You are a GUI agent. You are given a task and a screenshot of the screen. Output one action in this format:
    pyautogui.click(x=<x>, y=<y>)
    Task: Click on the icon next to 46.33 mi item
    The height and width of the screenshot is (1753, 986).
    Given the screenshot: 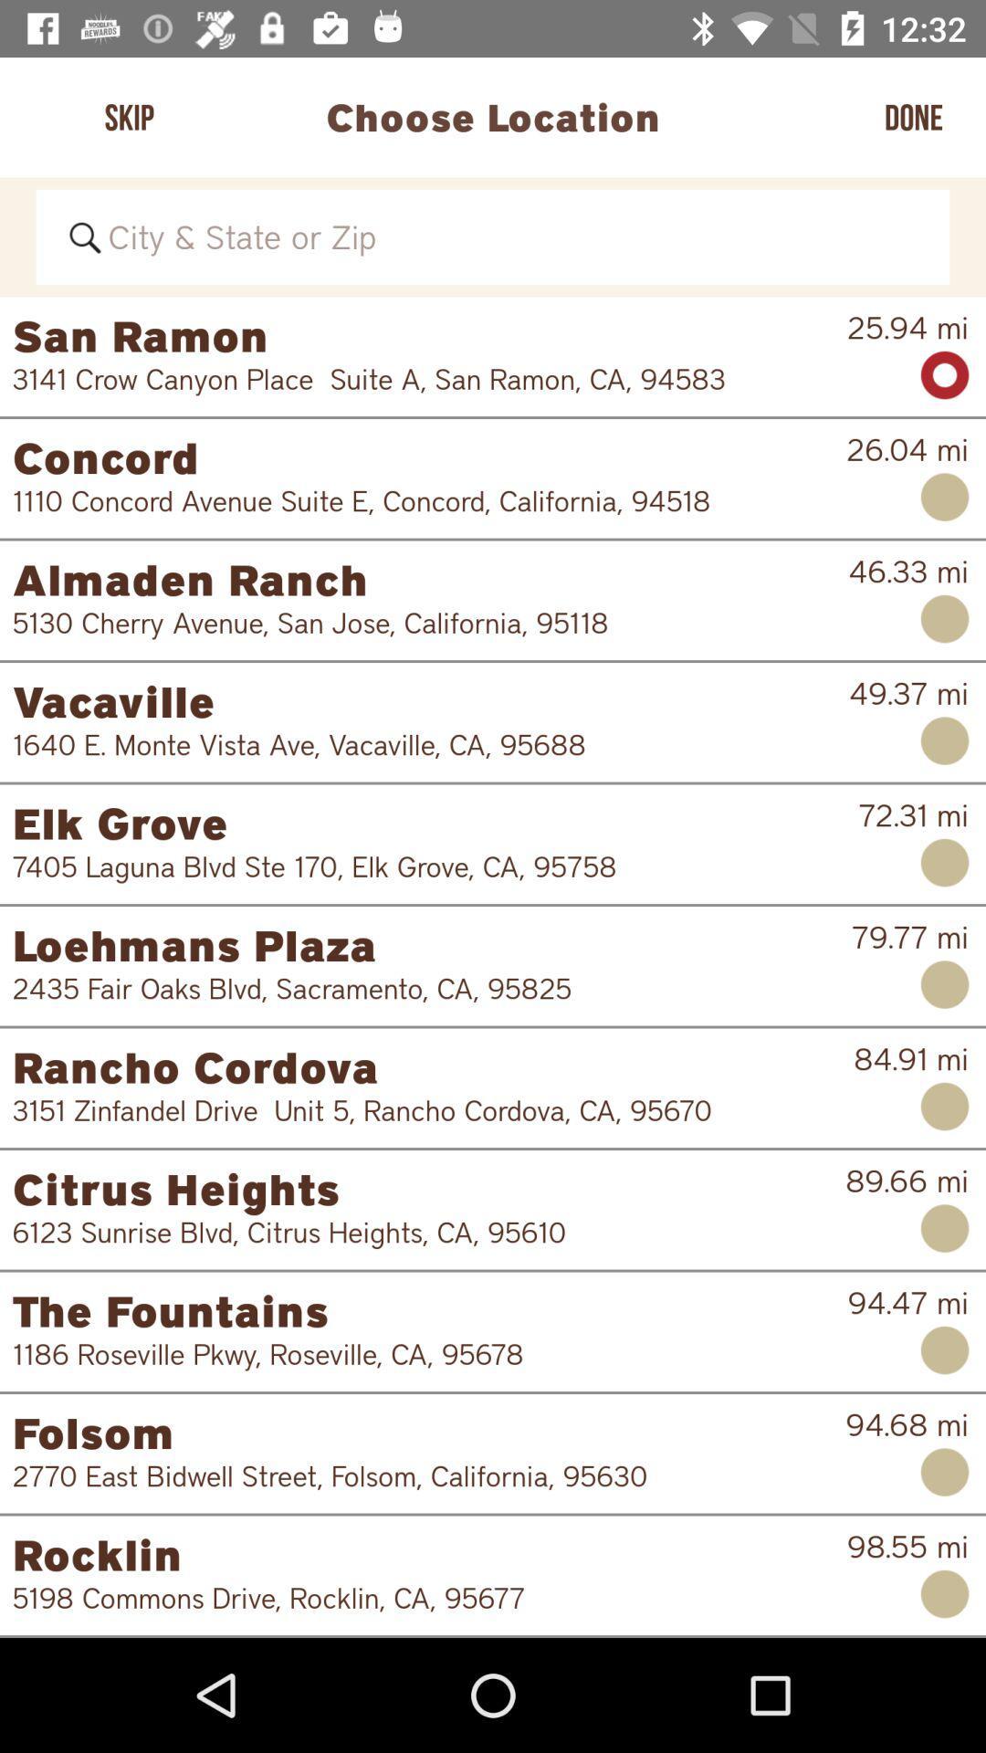 What is the action you would take?
    pyautogui.click(x=430, y=578)
    